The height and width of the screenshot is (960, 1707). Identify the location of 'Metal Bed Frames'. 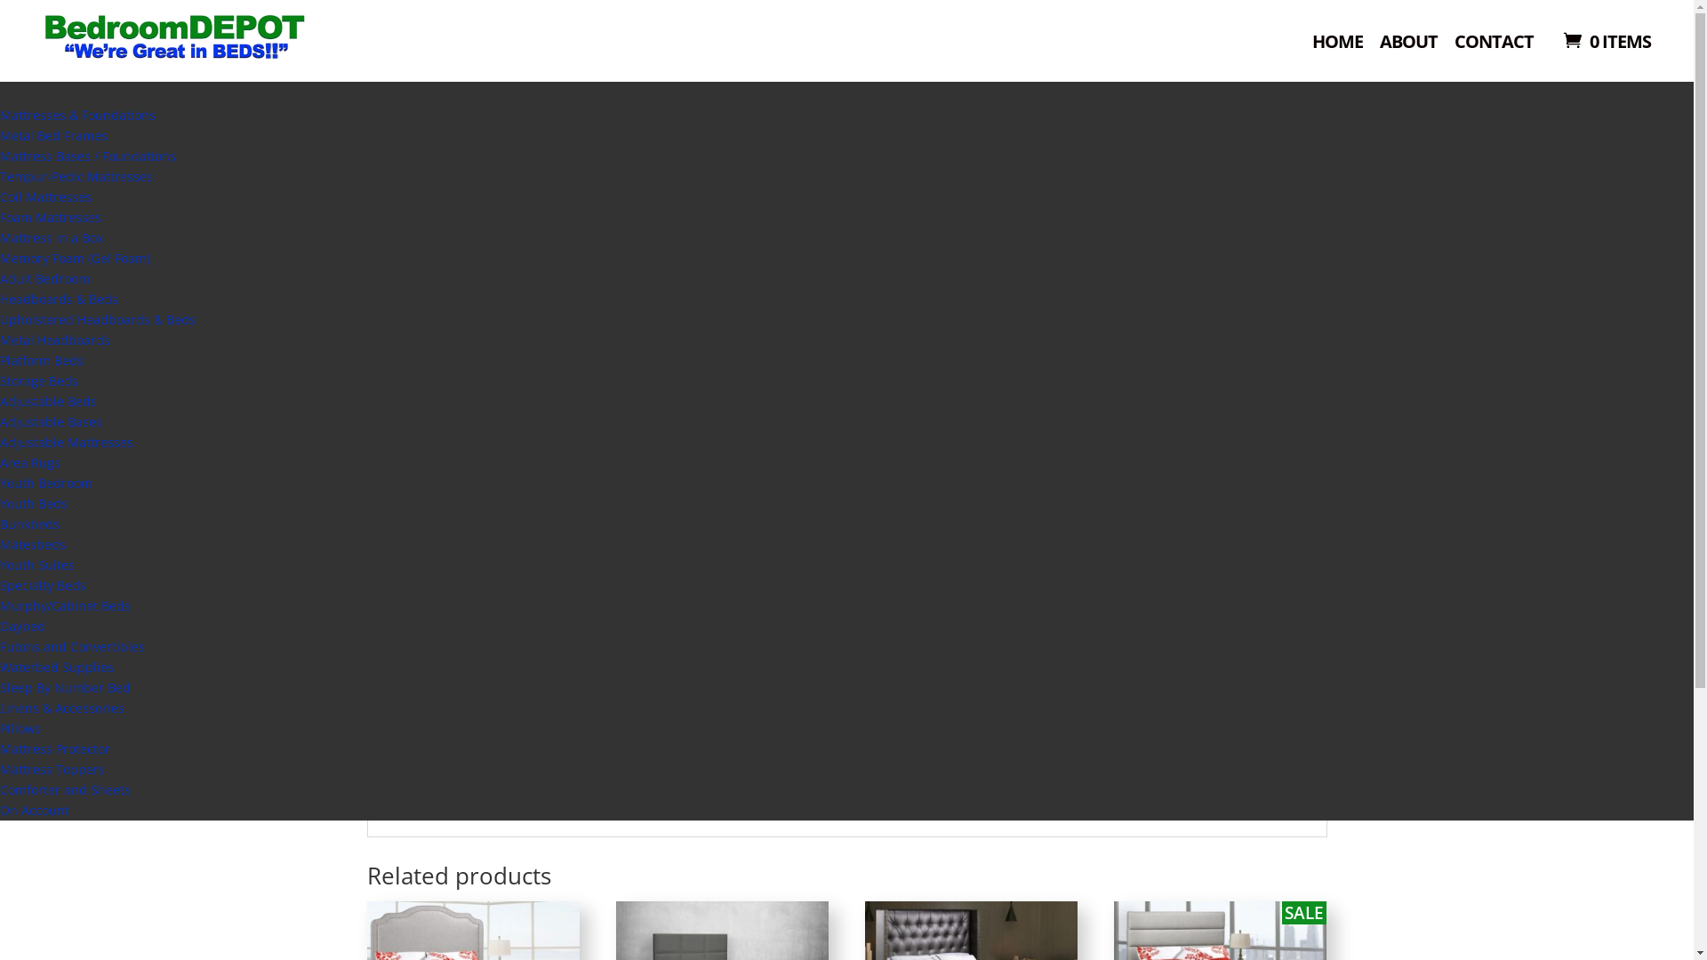
(53, 134).